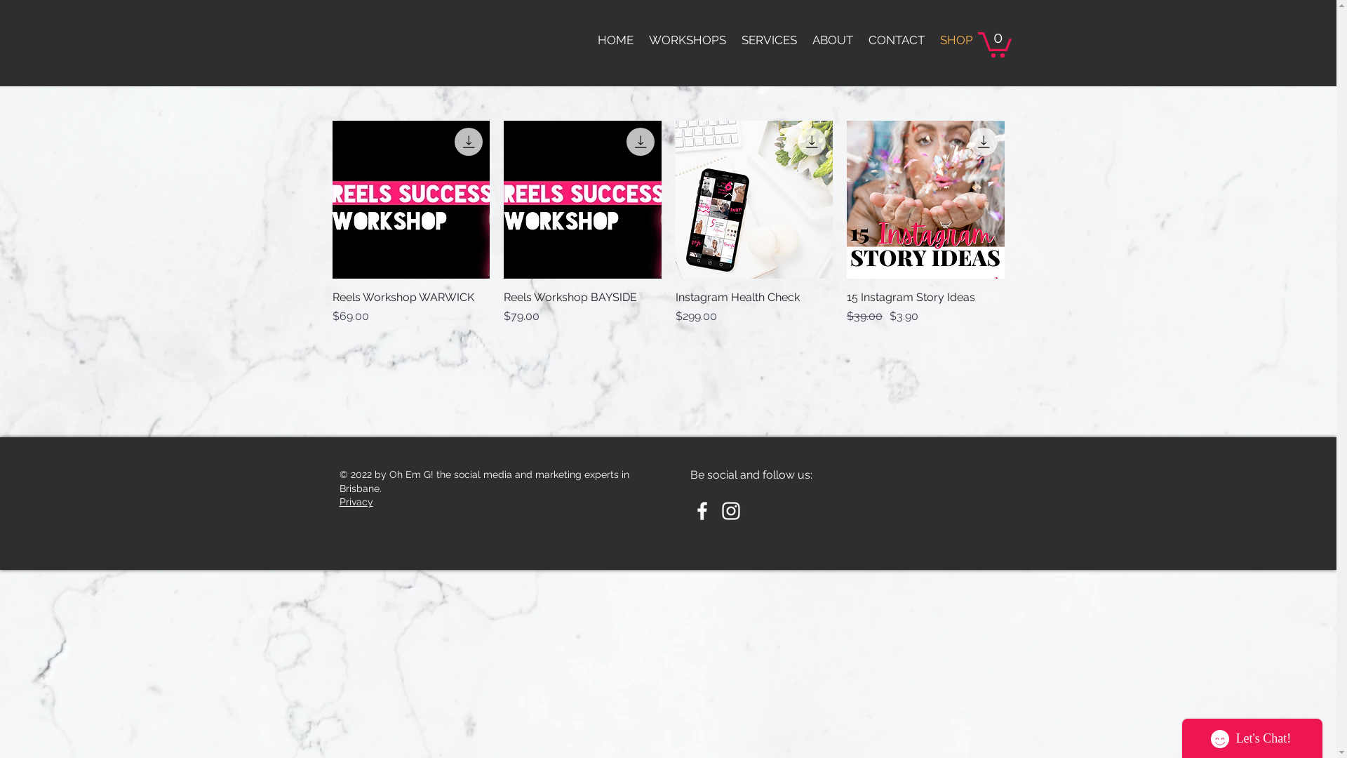 The height and width of the screenshot is (758, 1347). I want to click on 'Privacy', so click(356, 500).